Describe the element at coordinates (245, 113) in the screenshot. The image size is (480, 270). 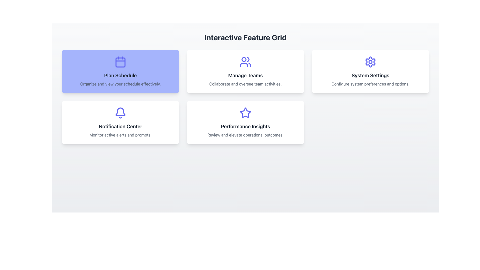
I see `the Decorative Icon, which is a star icon located at the upper portion of the 'Performance Insights' card in the bottom-right corner of the grid structure` at that location.